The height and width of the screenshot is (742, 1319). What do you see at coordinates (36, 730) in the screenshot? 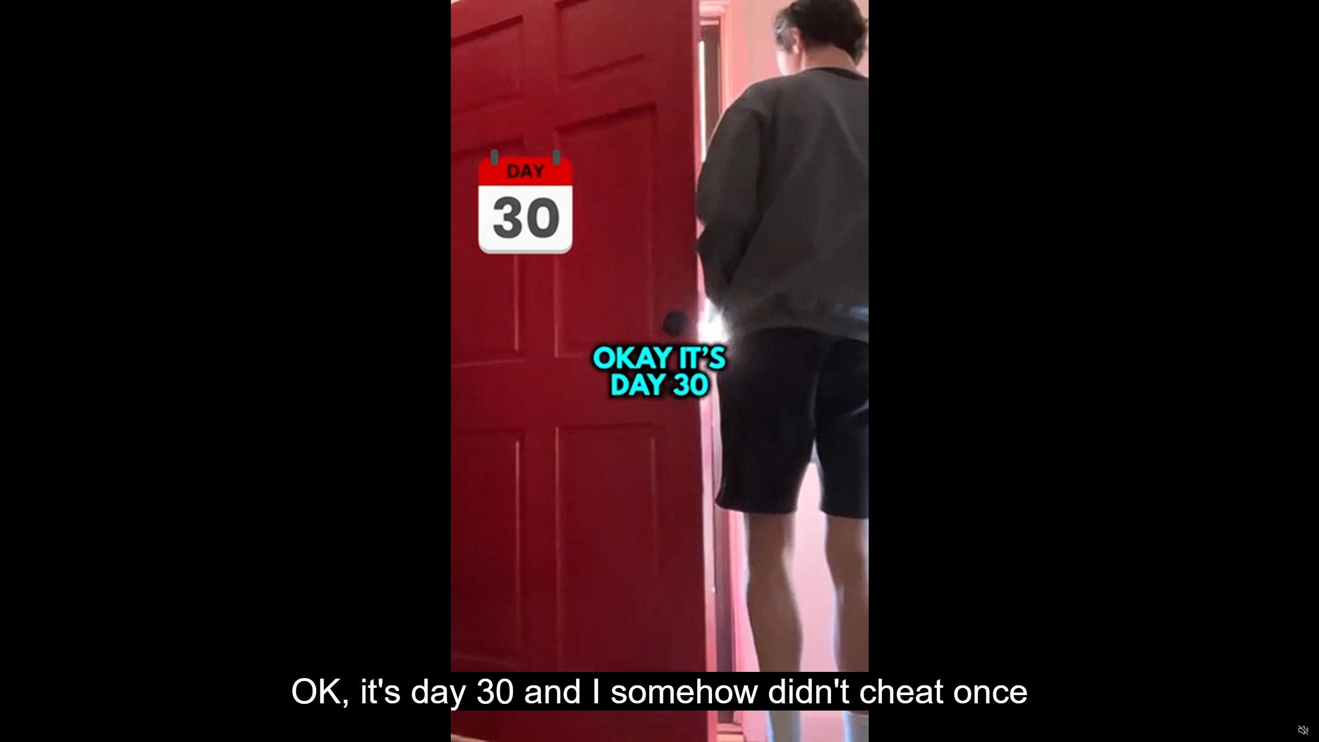
I see `'Seek Back'` at bounding box center [36, 730].